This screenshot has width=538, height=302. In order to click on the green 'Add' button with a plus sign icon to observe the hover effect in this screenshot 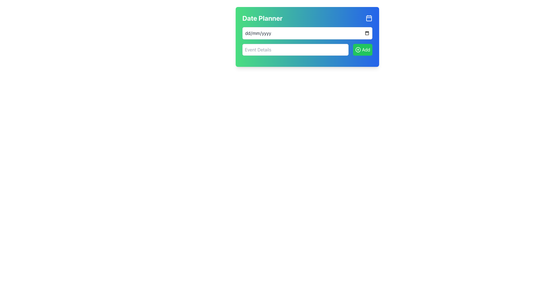, I will do `click(363, 49)`.